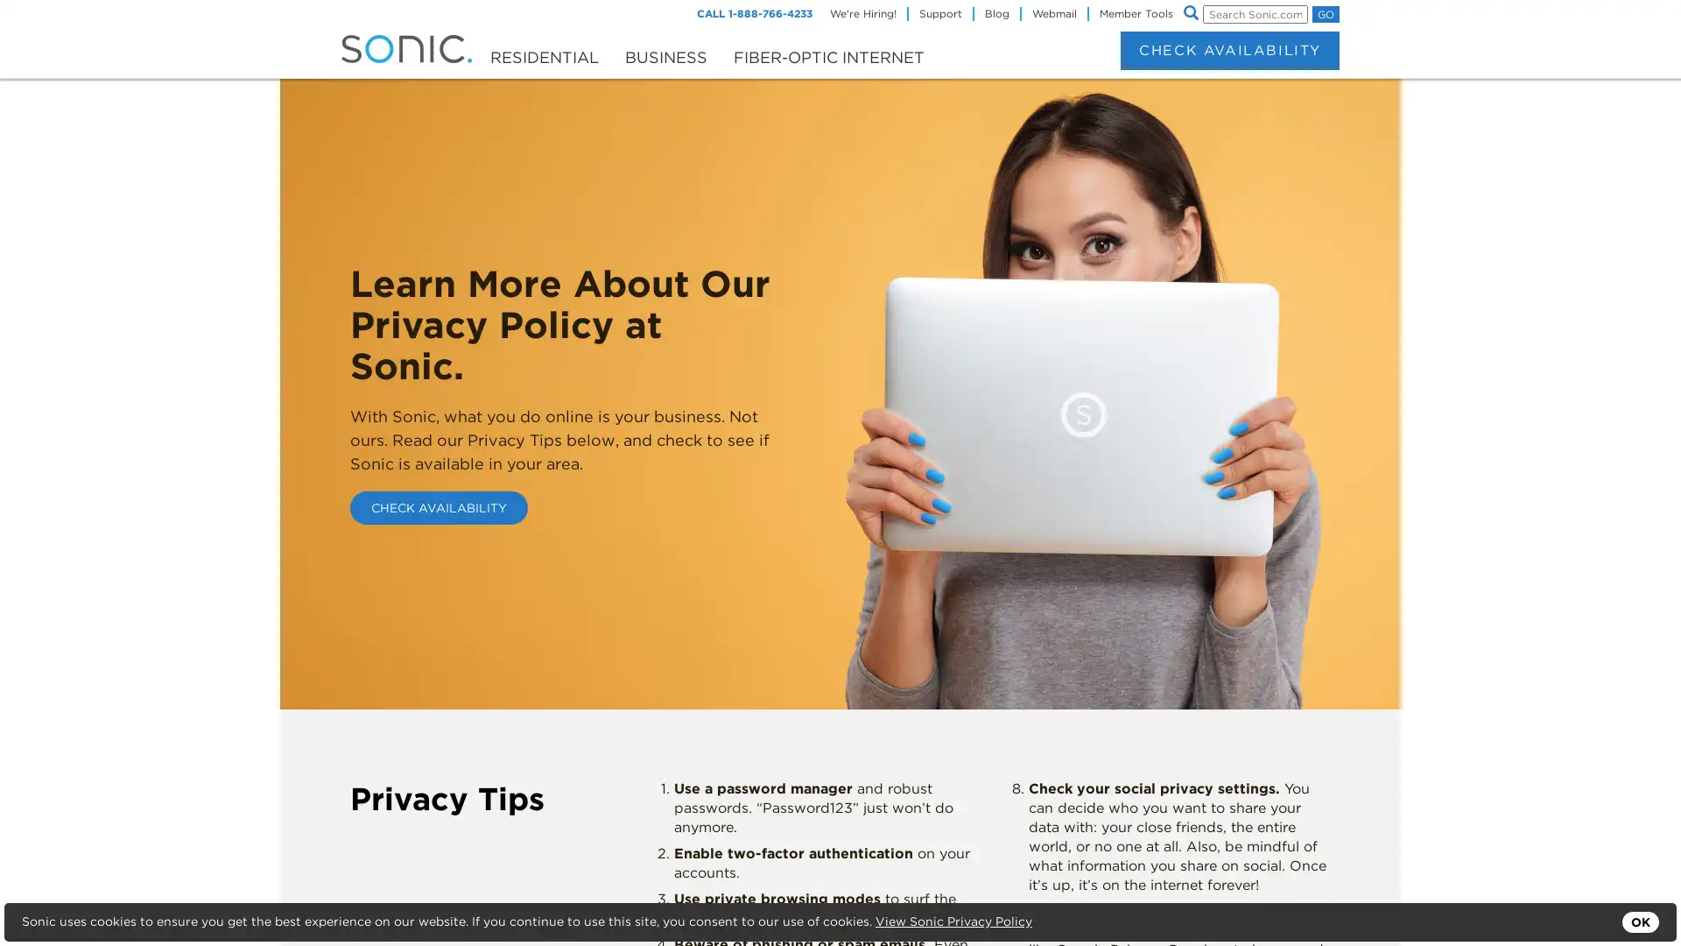  What do you see at coordinates (1326, 14) in the screenshot?
I see `GO` at bounding box center [1326, 14].